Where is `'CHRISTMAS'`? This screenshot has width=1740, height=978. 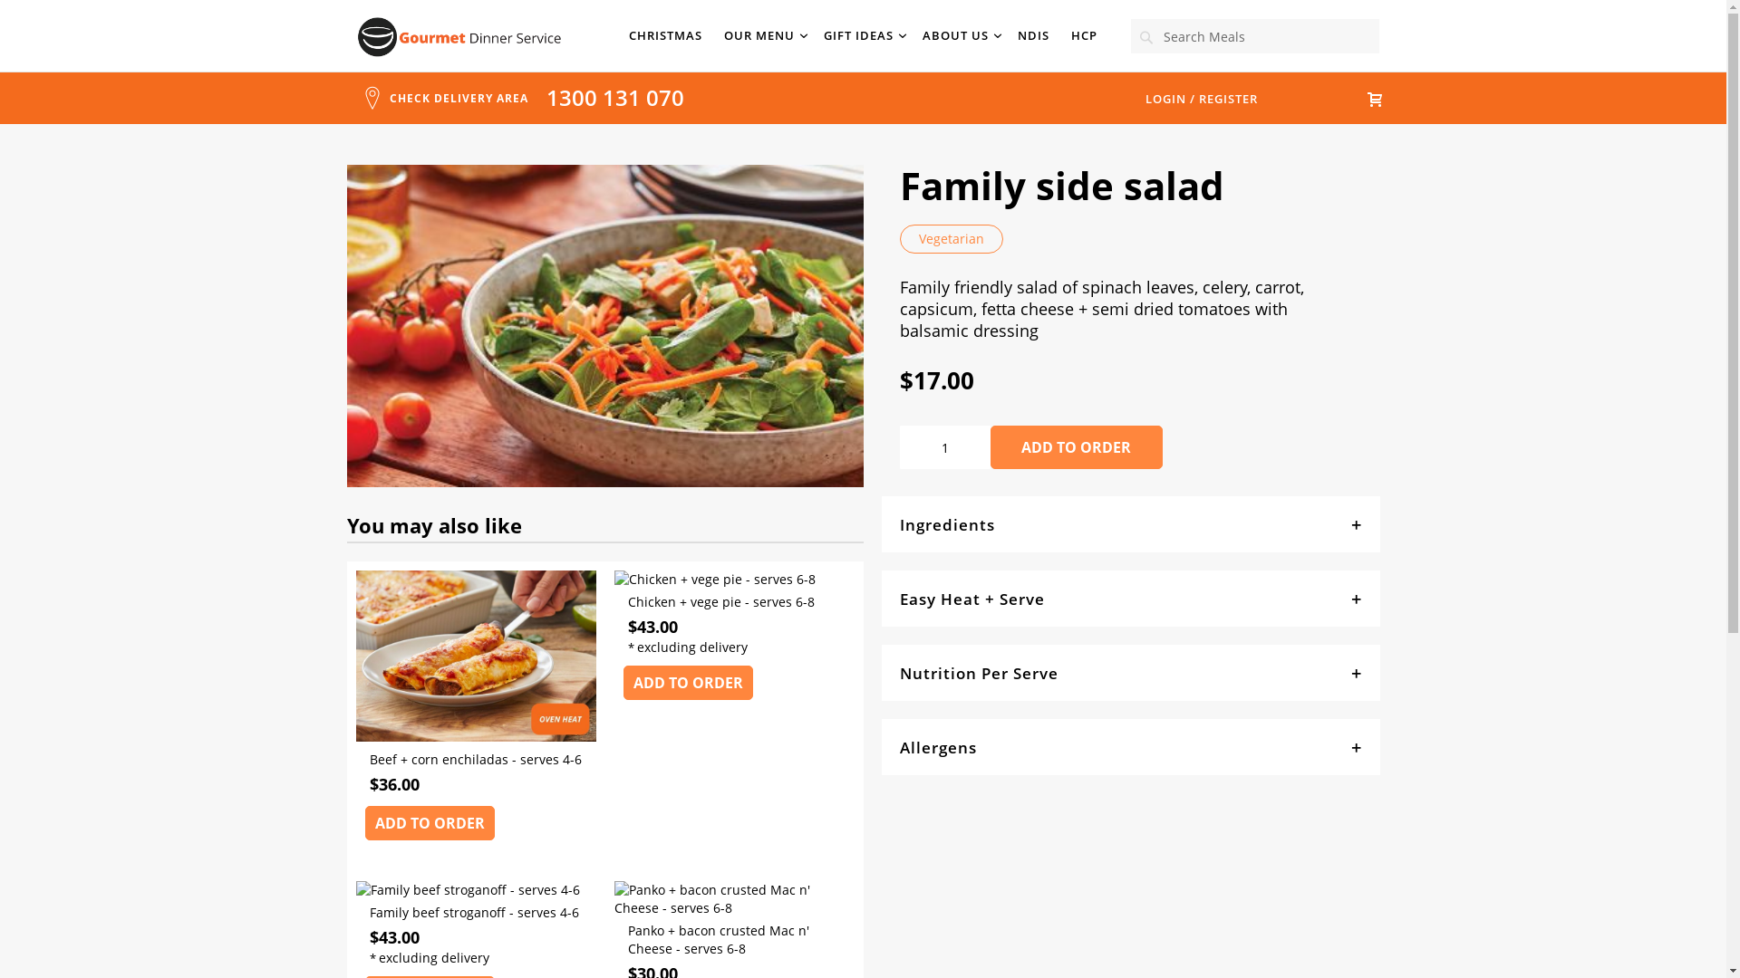 'CHRISTMAS' is located at coordinates (664, 35).